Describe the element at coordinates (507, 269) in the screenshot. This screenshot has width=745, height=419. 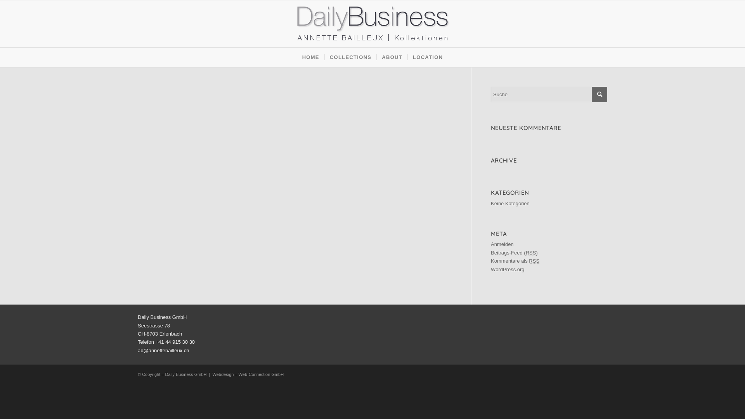
I see `'WordPress.org'` at that location.